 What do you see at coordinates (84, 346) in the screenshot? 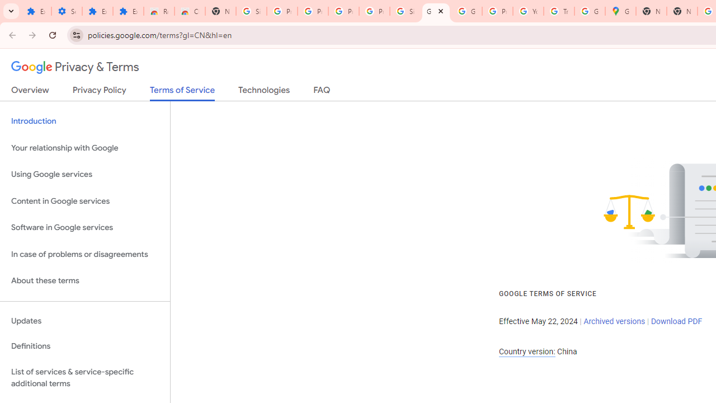
I see `'Definitions'` at bounding box center [84, 346].